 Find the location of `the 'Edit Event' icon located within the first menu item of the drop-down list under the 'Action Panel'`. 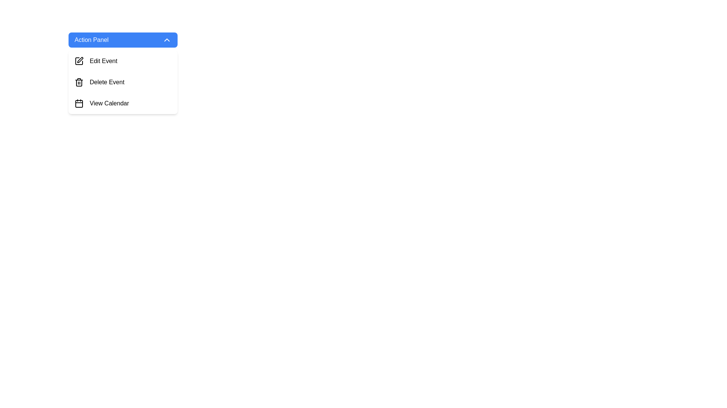

the 'Edit Event' icon located within the first menu item of the drop-down list under the 'Action Panel' is located at coordinates (79, 61).